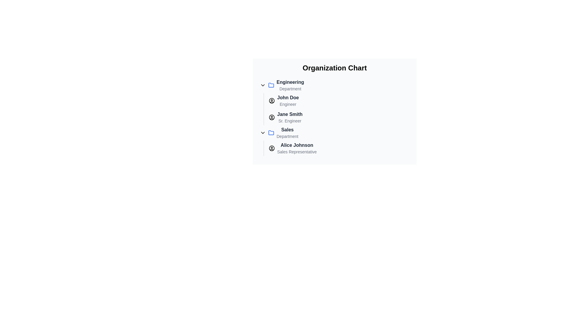  I want to click on the Text label displaying 'Sr. Engineer' associated with 'Jane Smith', which is located under the 'Engineering' department node, so click(290, 121).